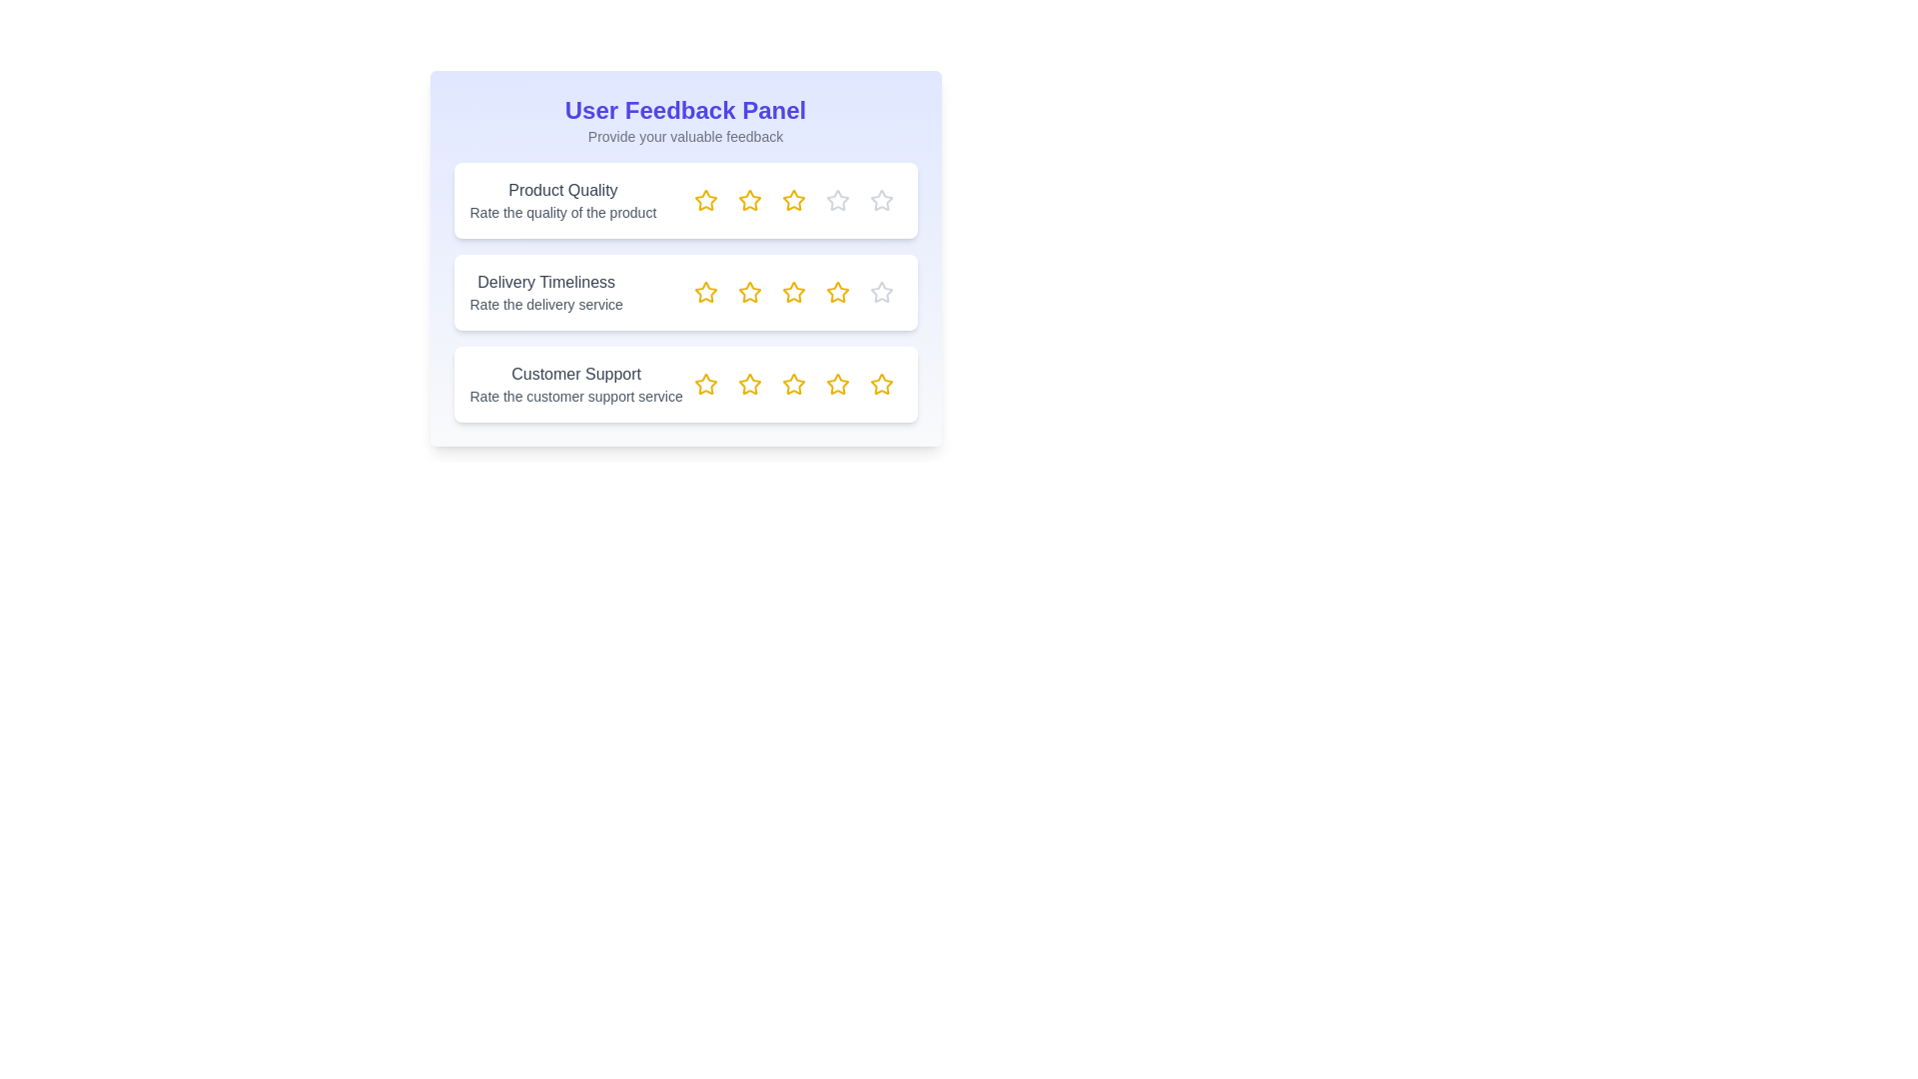 Image resolution: width=1918 pixels, height=1079 pixels. Describe the element at coordinates (837, 200) in the screenshot. I see `the rating for a feedback item to 4 stars` at that location.